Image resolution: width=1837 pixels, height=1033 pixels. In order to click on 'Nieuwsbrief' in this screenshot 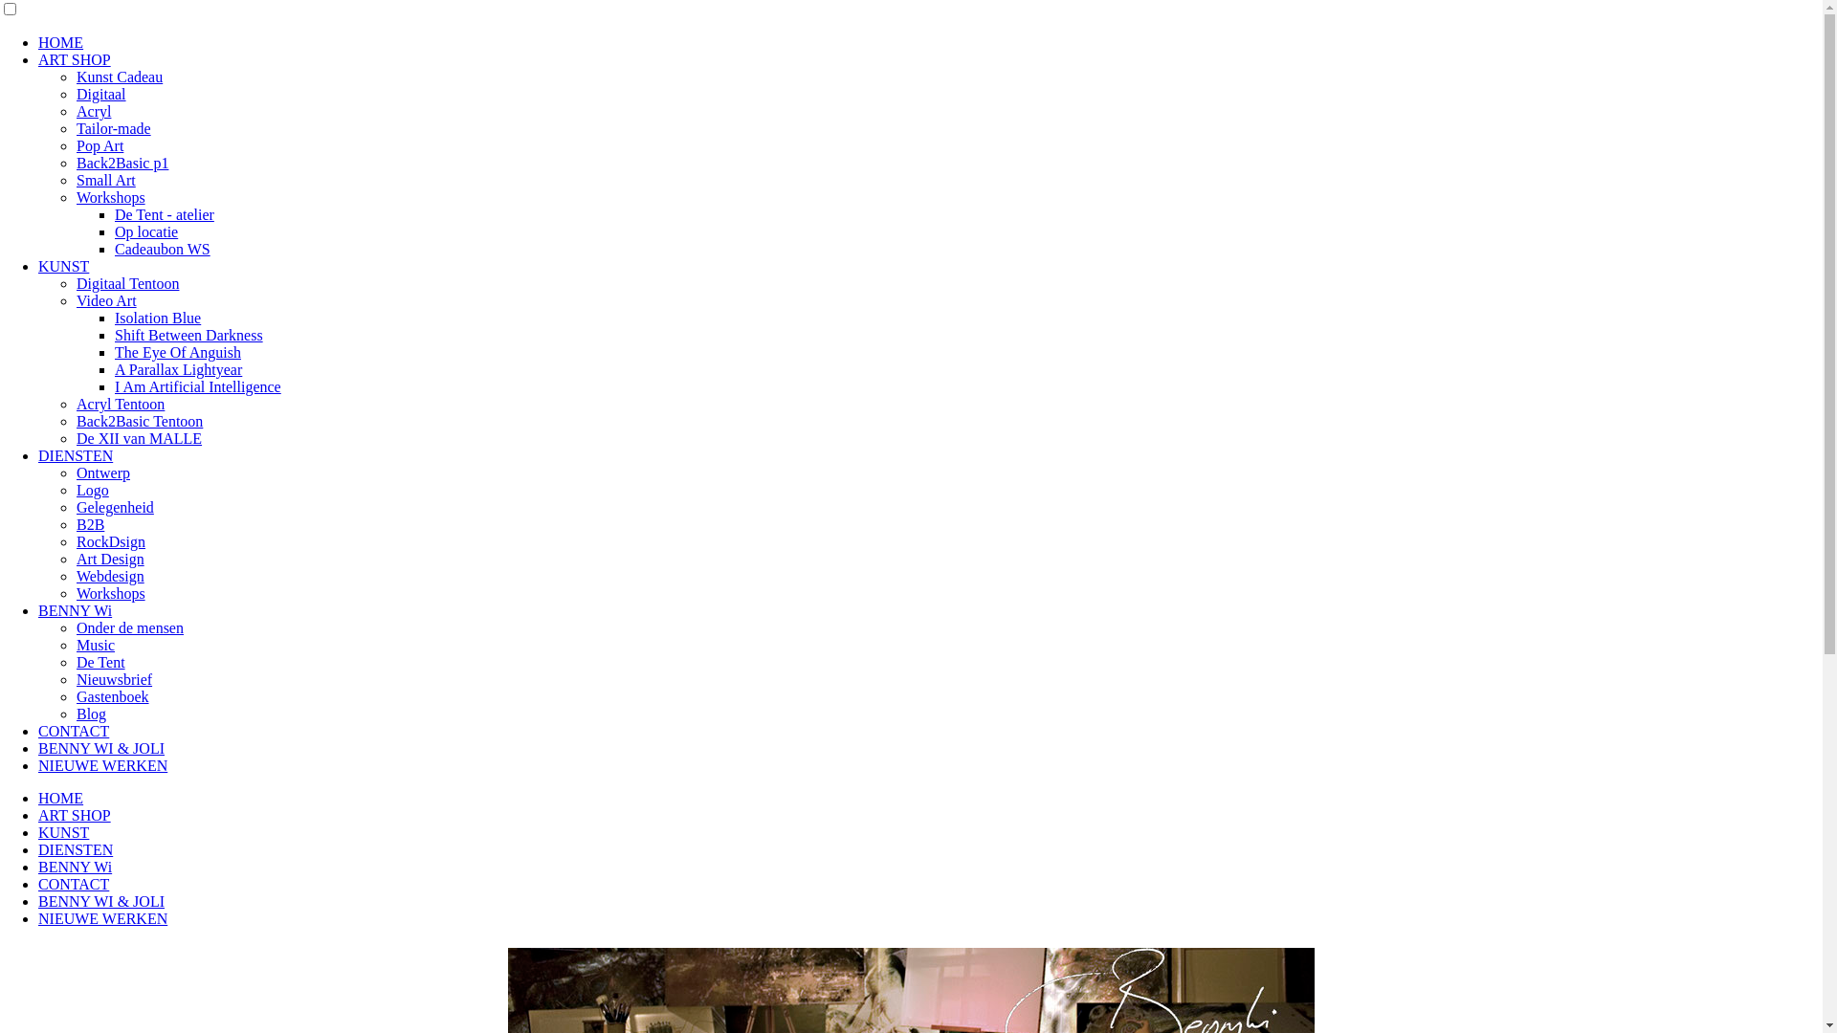, I will do `click(77, 678)`.